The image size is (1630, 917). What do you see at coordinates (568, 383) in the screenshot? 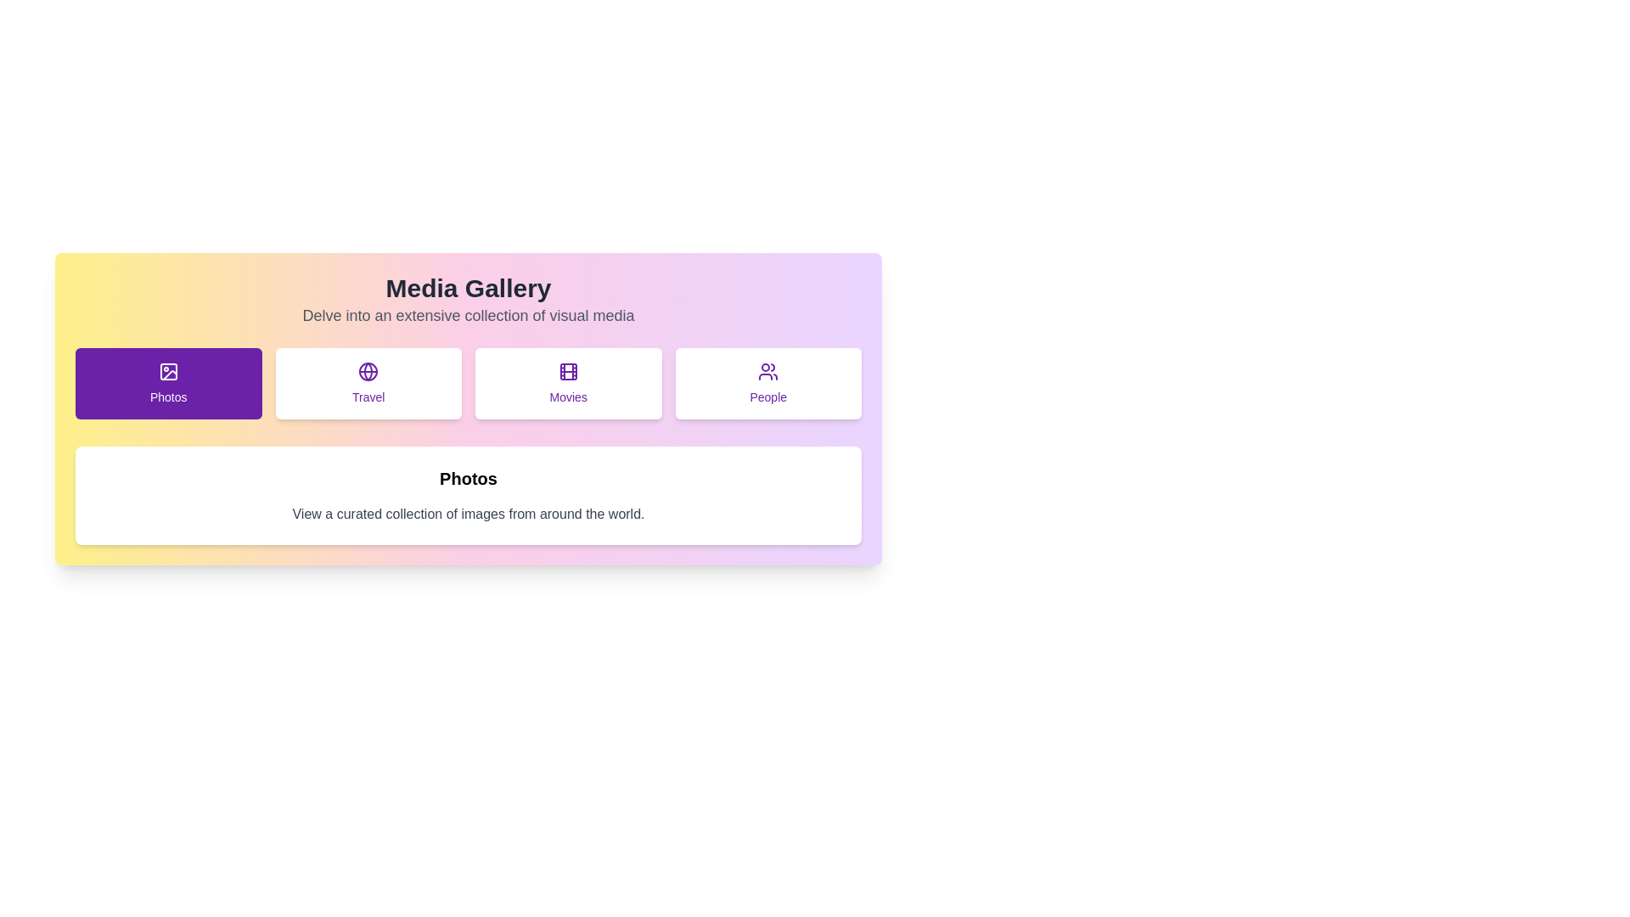
I see `the tab labeled Movies` at bounding box center [568, 383].